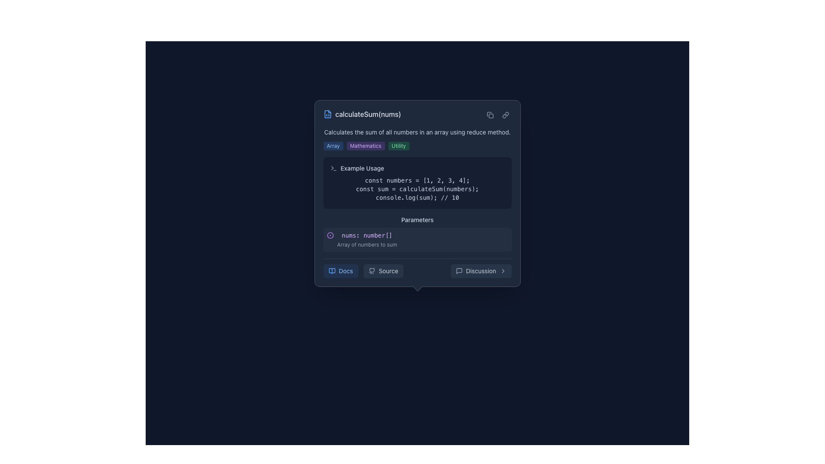  I want to click on the static text label indicating the parameter type for the function, located in the 'Parameters' section above the text 'Array of numbers to sum', so click(367, 235).